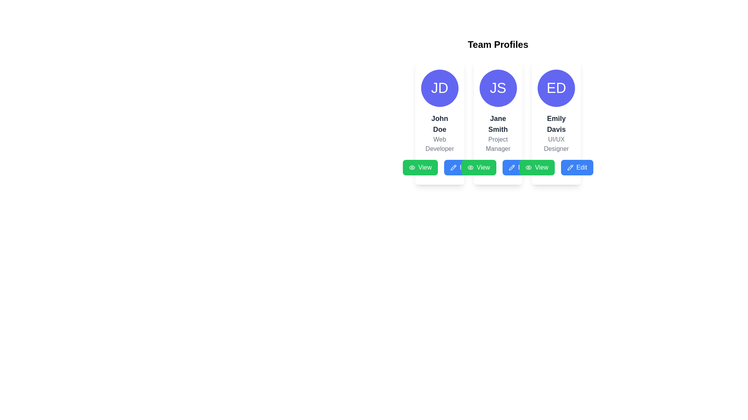 The width and height of the screenshot is (748, 420). What do you see at coordinates (512, 167) in the screenshot?
I see `the 'Edit' icon in the action bar of the 'Jane Smith' profile card` at bounding box center [512, 167].